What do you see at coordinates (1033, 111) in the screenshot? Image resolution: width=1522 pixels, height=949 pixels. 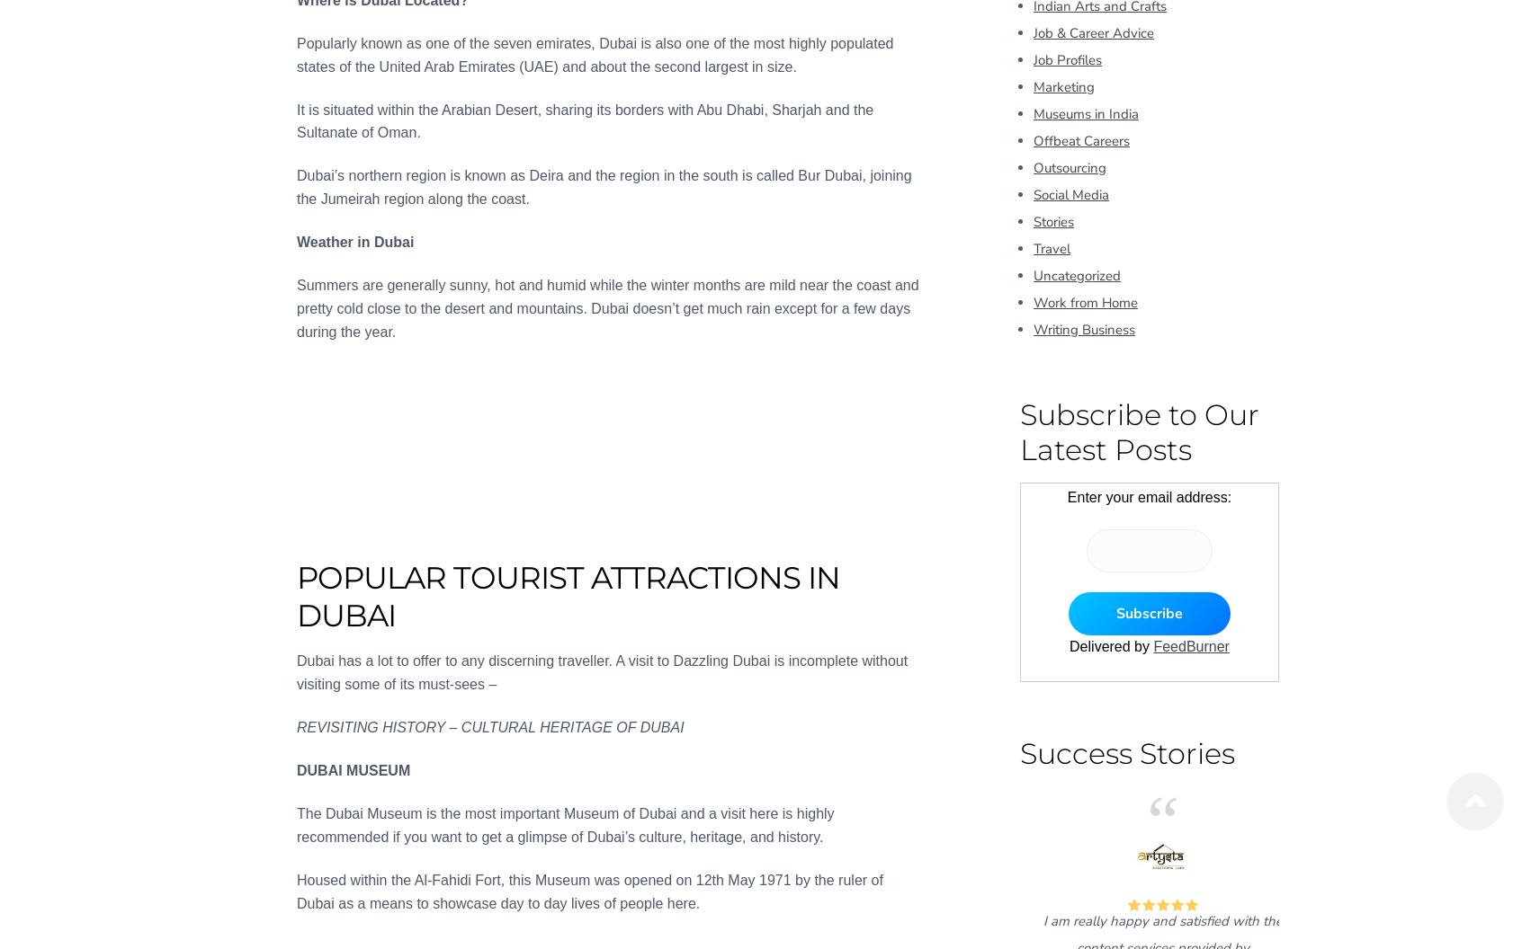 I see `'Museums in India'` at bounding box center [1033, 111].